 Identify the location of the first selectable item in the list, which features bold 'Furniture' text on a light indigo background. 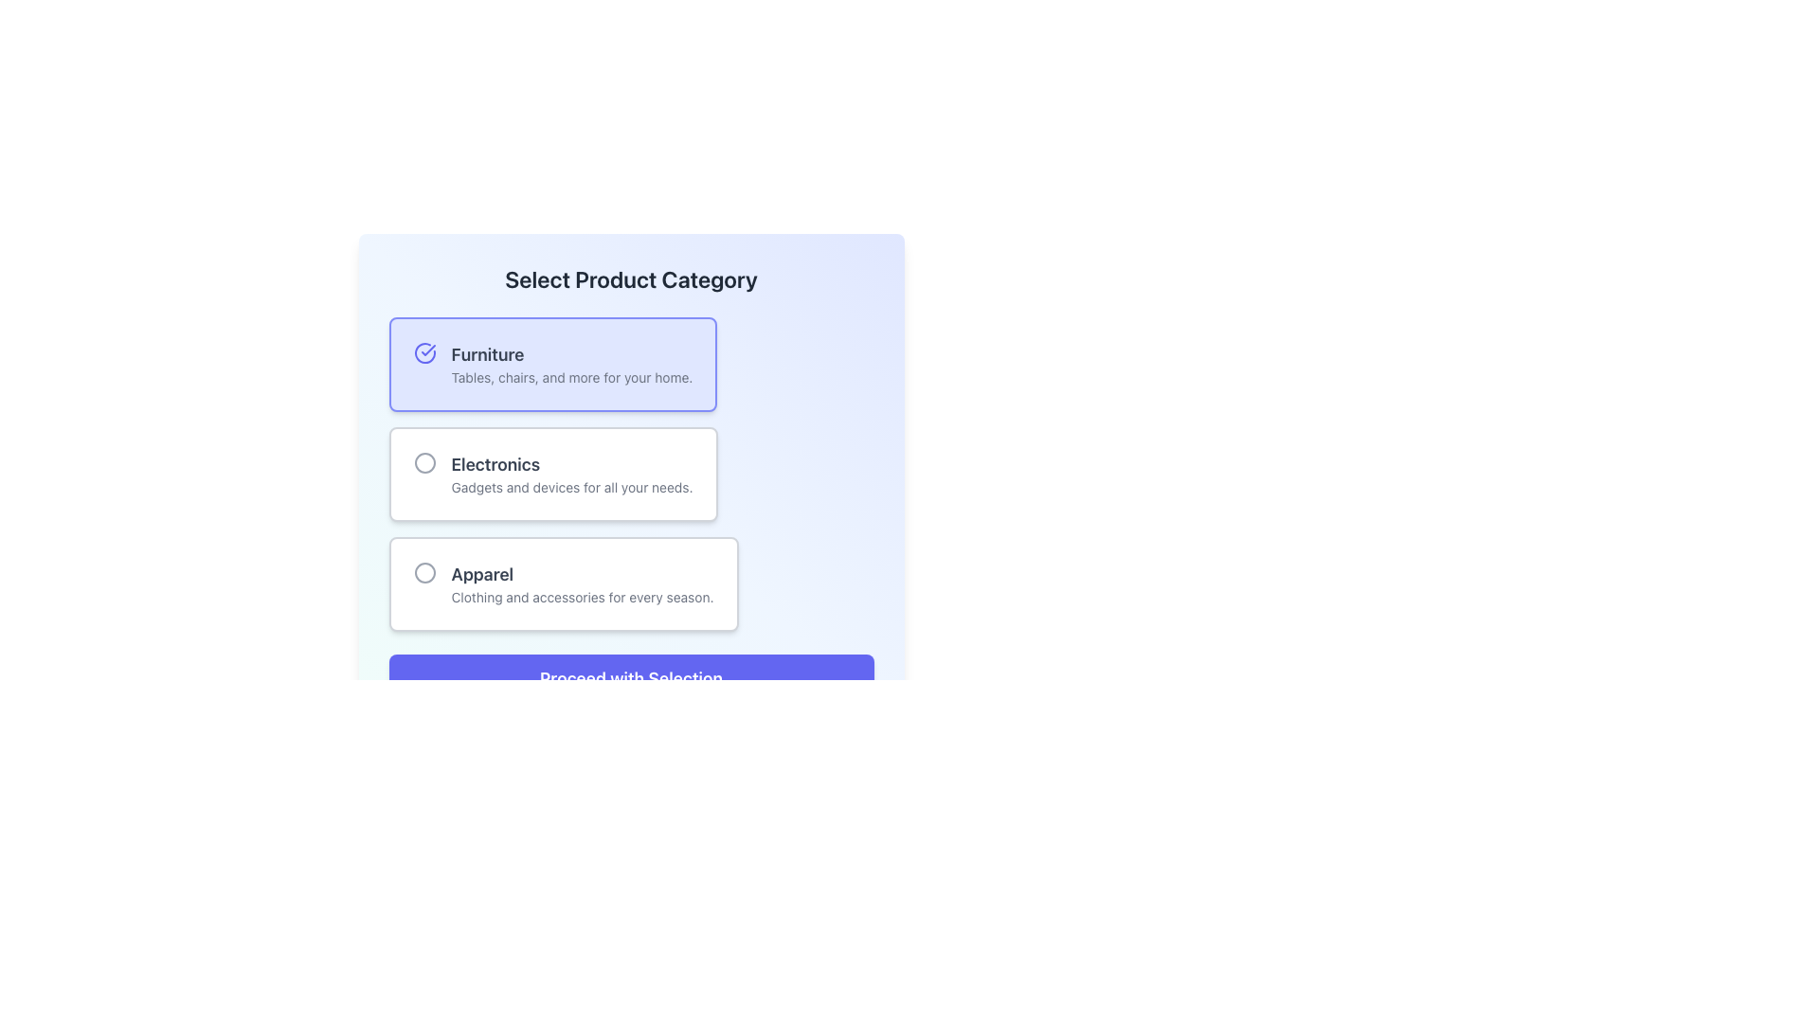
(570, 365).